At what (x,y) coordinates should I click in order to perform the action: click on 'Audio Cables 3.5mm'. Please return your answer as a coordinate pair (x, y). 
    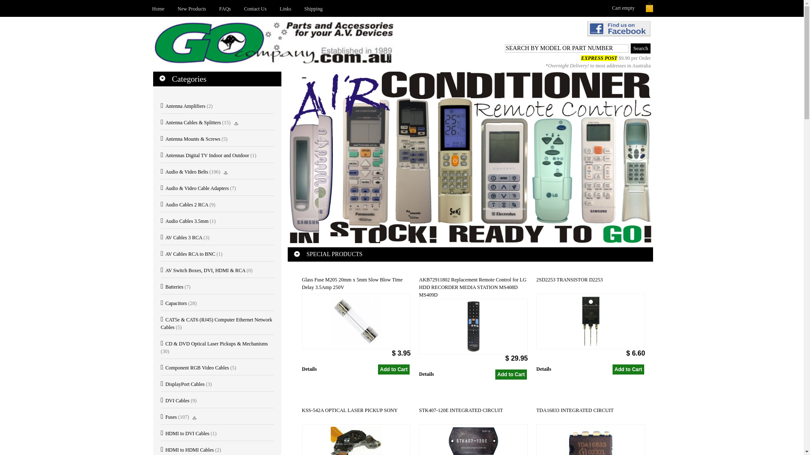
    Looking at the image, I should click on (160, 220).